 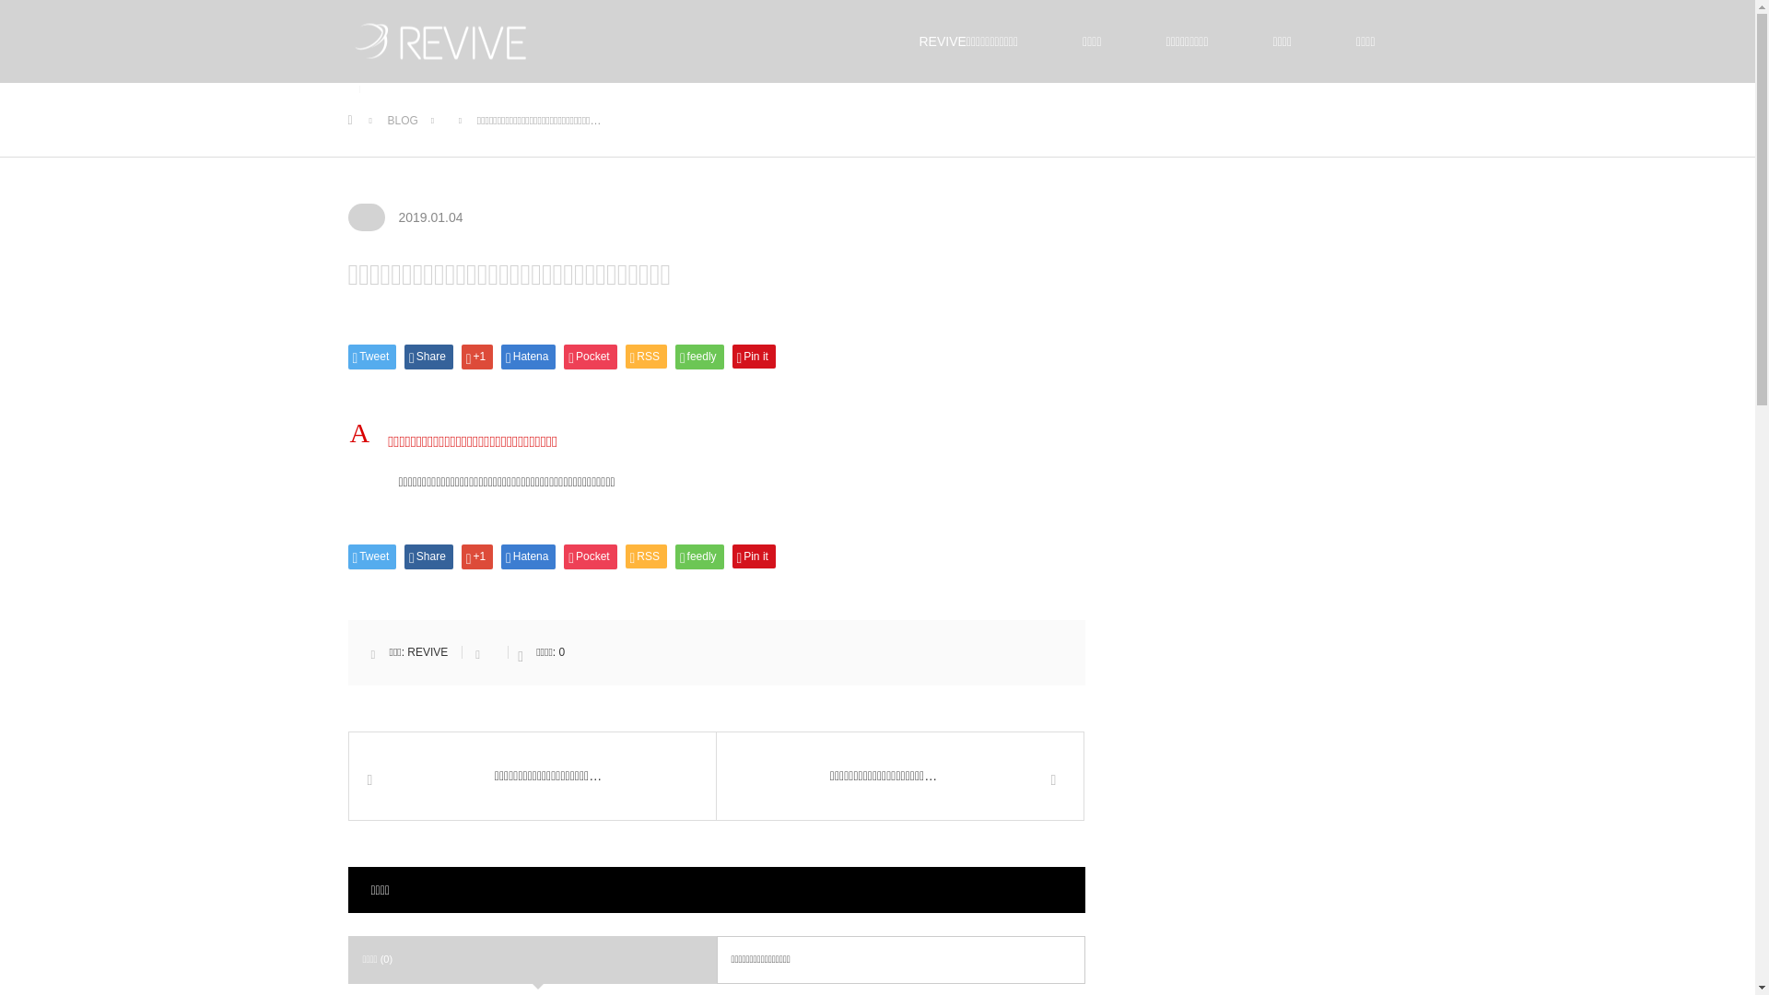 I want to click on 'Tweet', so click(x=371, y=556).